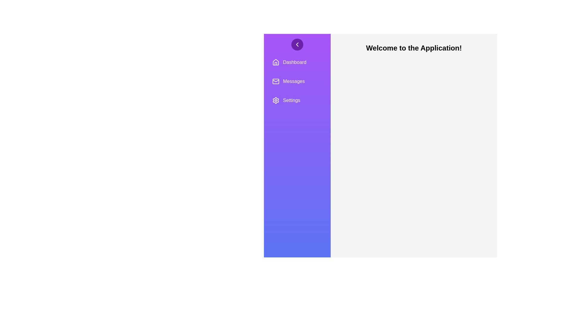 This screenshot has height=321, width=572. I want to click on the gear-shaped icon representing settings, which is the first icon in the 'Settings' option within the vertical navigation menu on the left side of the application, so click(276, 100).